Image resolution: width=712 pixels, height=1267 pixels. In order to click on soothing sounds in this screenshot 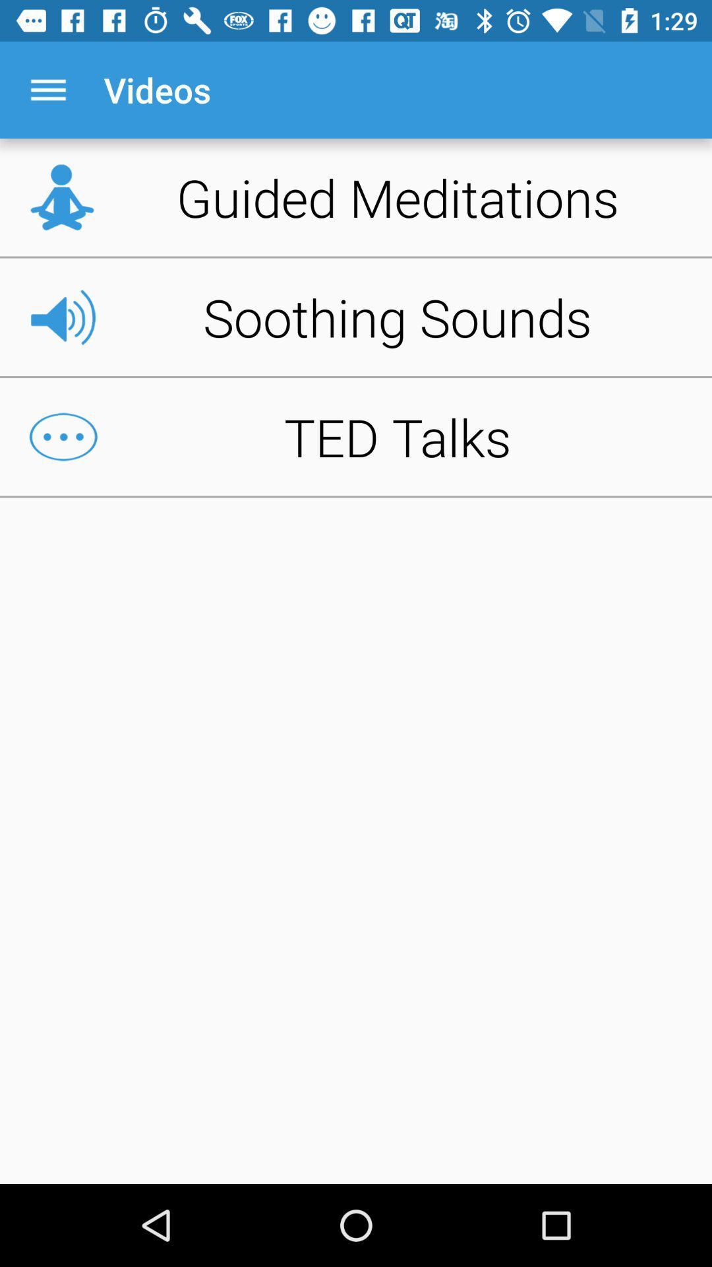, I will do `click(356, 317)`.